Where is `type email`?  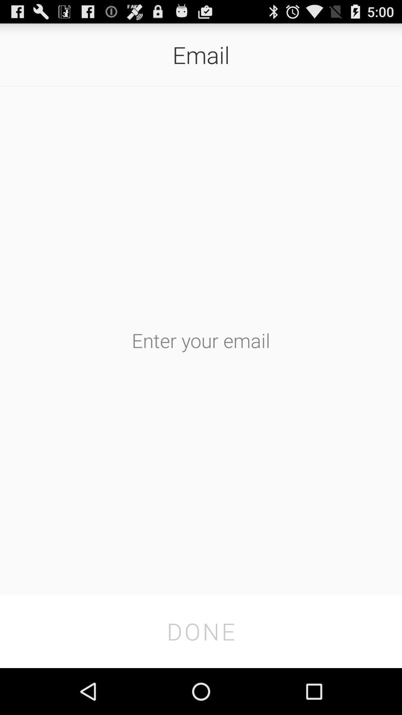 type email is located at coordinates (201, 340).